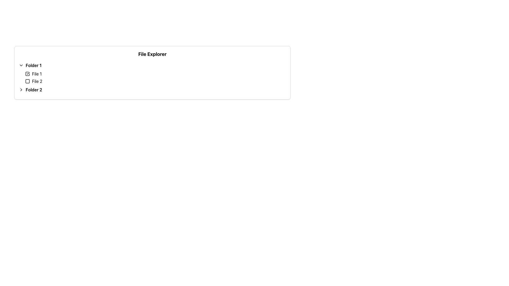 This screenshot has width=509, height=286. What do you see at coordinates (27, 81) in the screenshot?
I see `the center of the Checkbox icon located next to the text 'File 2'` at bounding box center [27, 81].